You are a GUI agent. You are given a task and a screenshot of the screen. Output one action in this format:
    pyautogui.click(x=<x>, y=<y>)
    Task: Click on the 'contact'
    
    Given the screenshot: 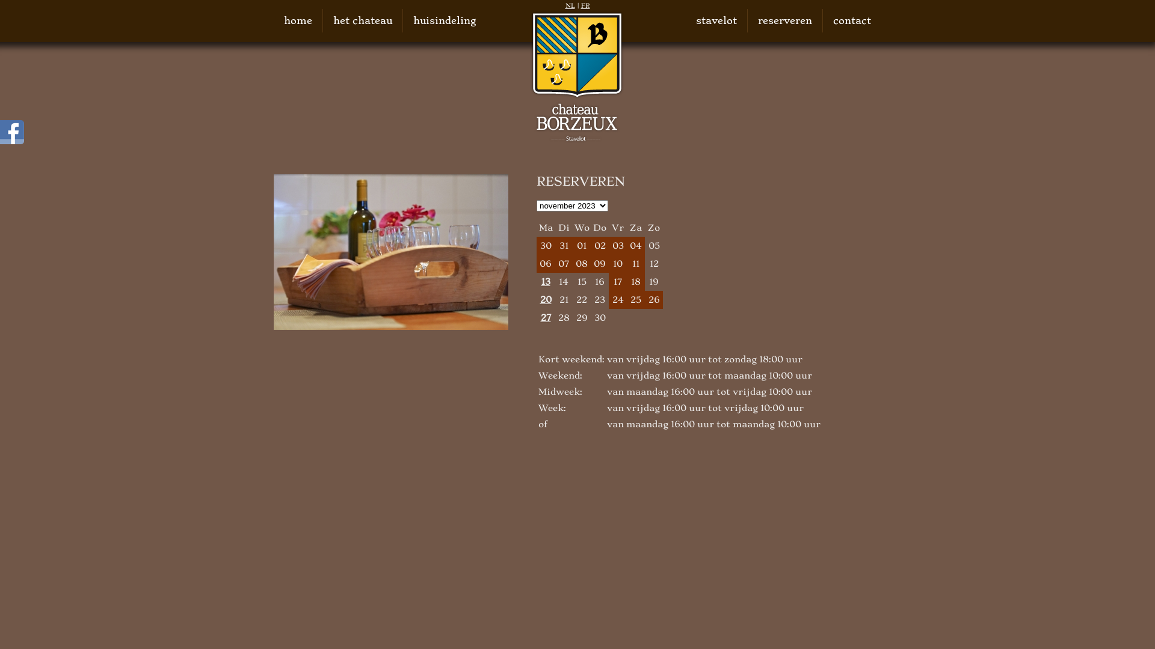 What is the action you would take?
    pyautogui.click(x=851, y=20)
    